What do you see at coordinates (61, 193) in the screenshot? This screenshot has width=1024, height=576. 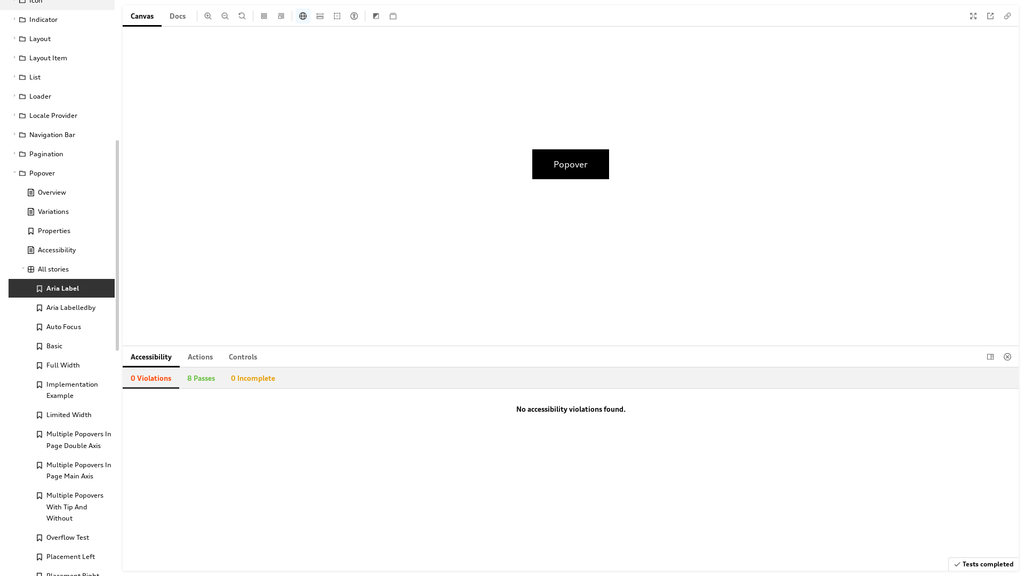 I see `'Overview'` at bounding box center [61, 193].